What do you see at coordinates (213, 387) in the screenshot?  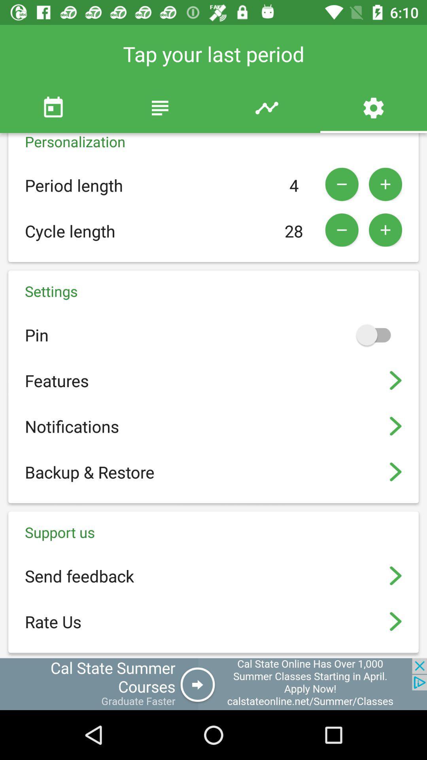 I see `the settings block` at bounding box center [213, 387].